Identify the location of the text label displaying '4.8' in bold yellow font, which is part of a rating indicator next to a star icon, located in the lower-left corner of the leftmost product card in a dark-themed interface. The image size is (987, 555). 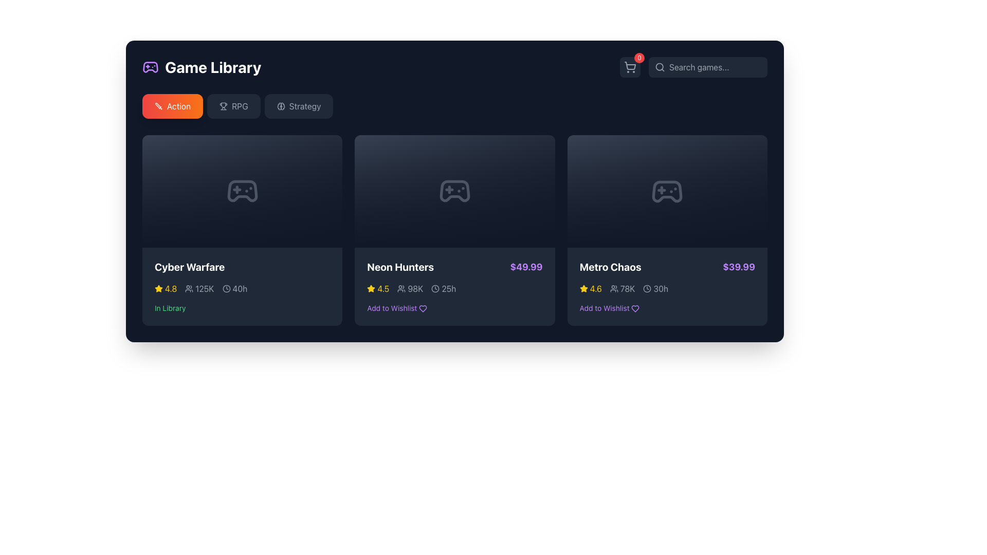
(171, 289).